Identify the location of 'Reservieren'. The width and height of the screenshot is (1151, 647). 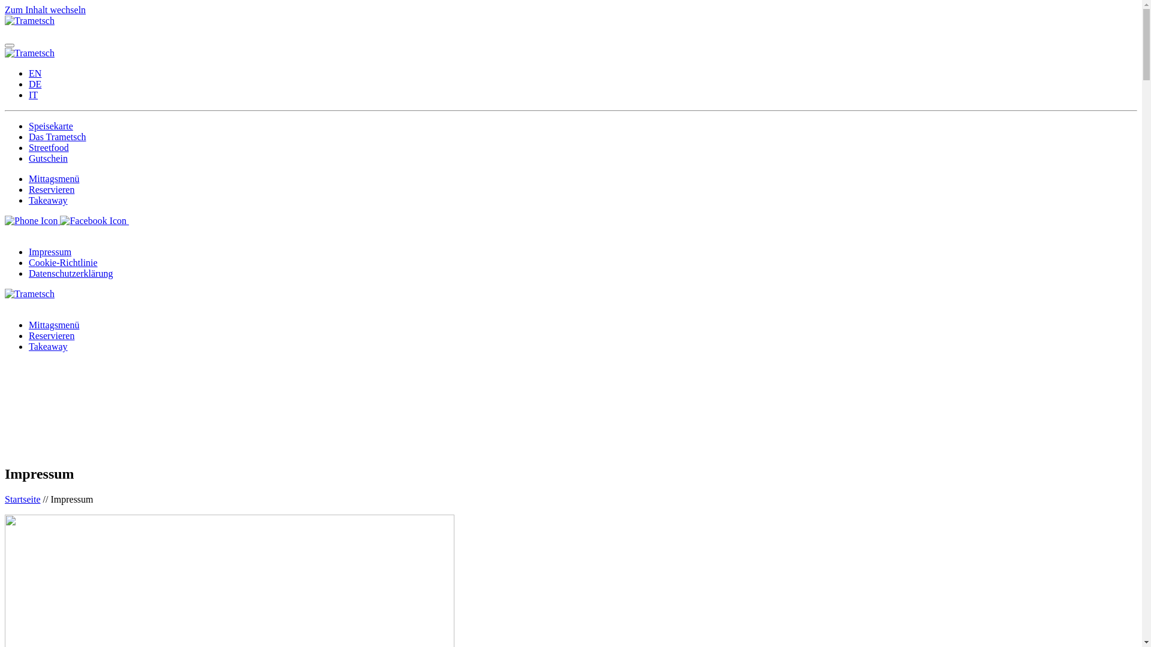
(51, 335).